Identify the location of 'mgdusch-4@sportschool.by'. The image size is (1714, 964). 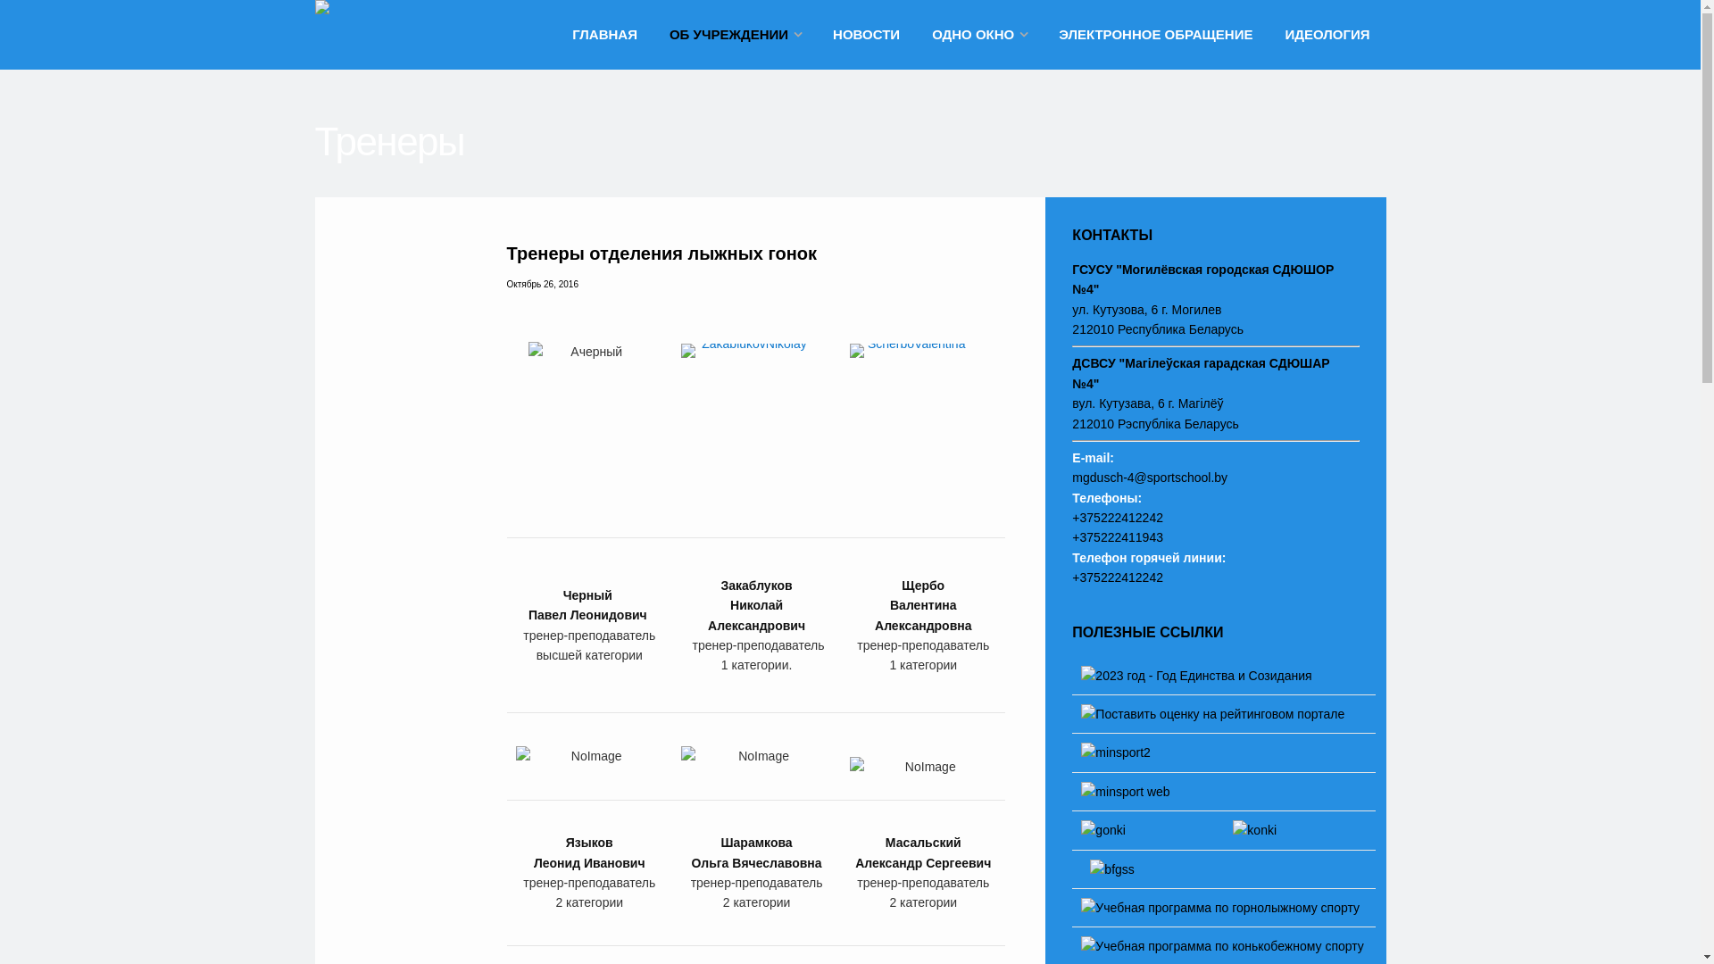
(1071, 477).